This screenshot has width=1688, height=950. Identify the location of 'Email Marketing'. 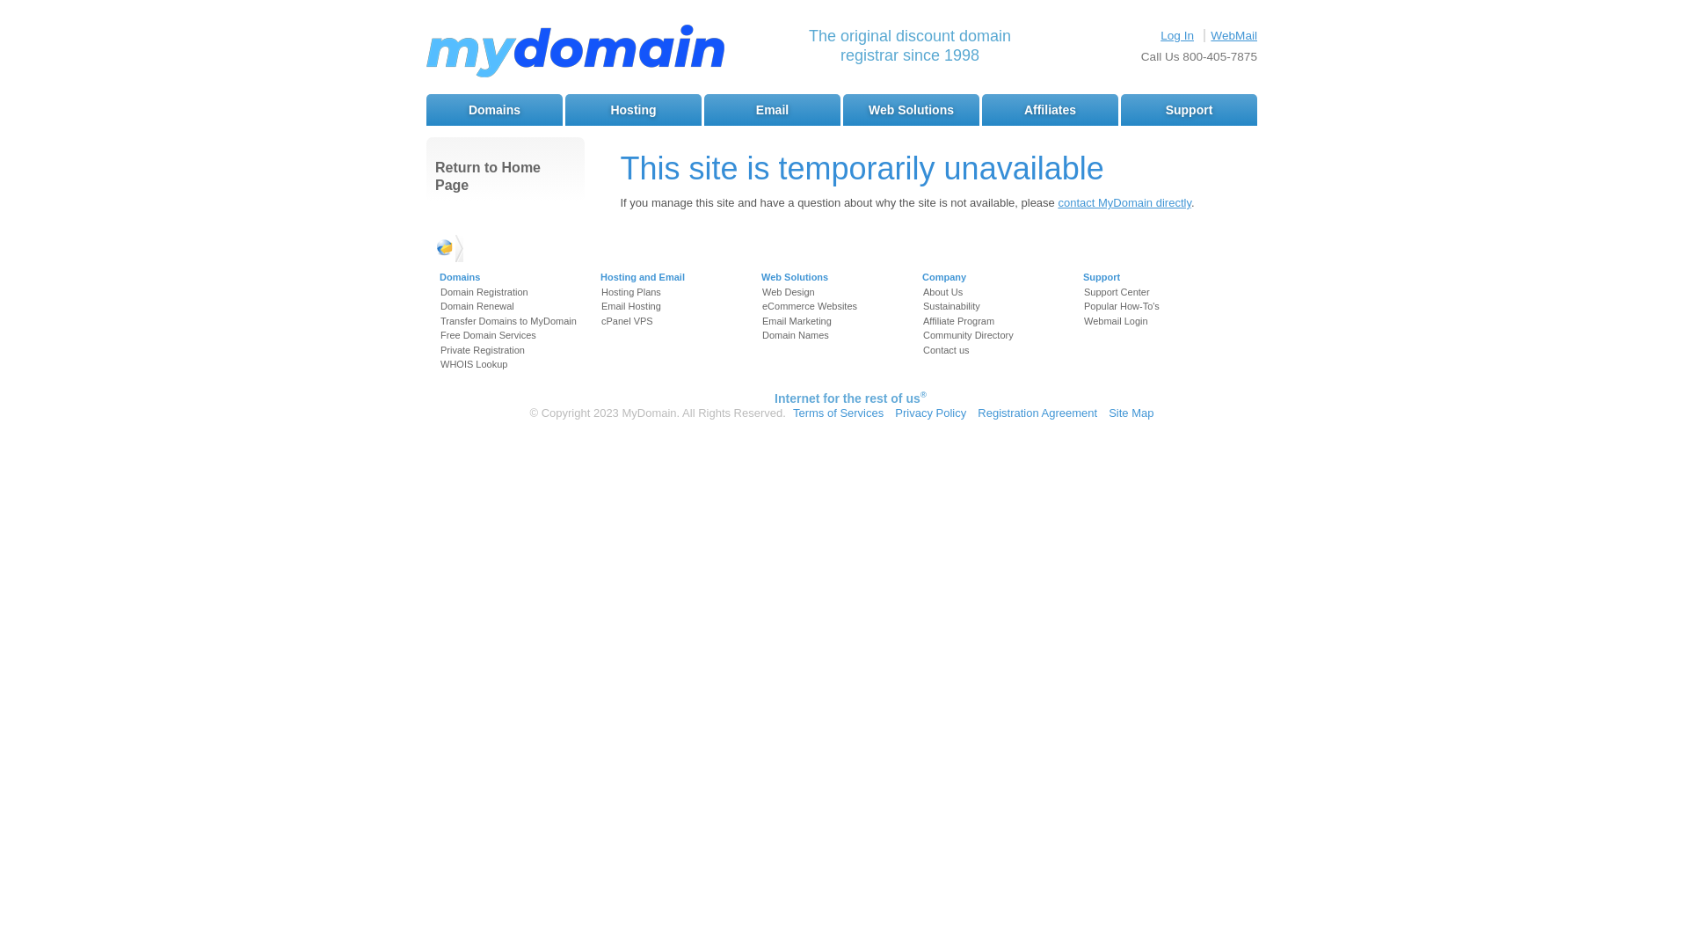
(796, 321).